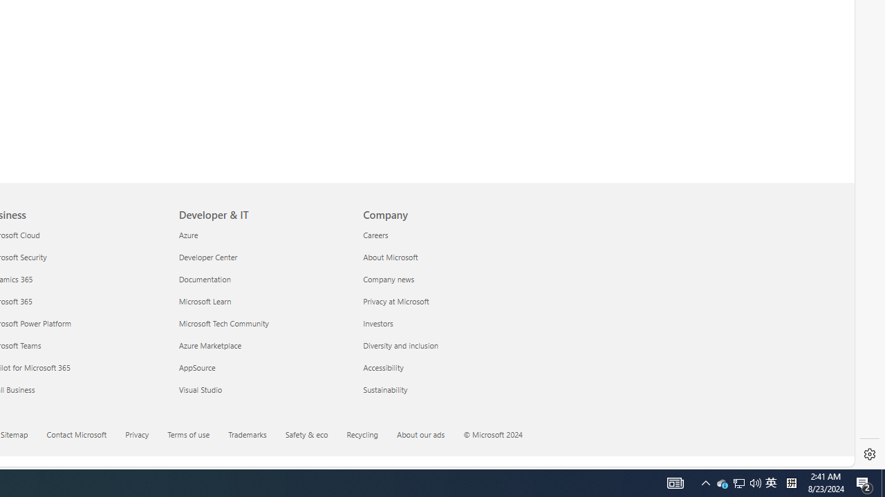  What do you see at coordinates (447, 389) in the screenshot?
I see `'Sustainability'` at bounding box center [447, 389].